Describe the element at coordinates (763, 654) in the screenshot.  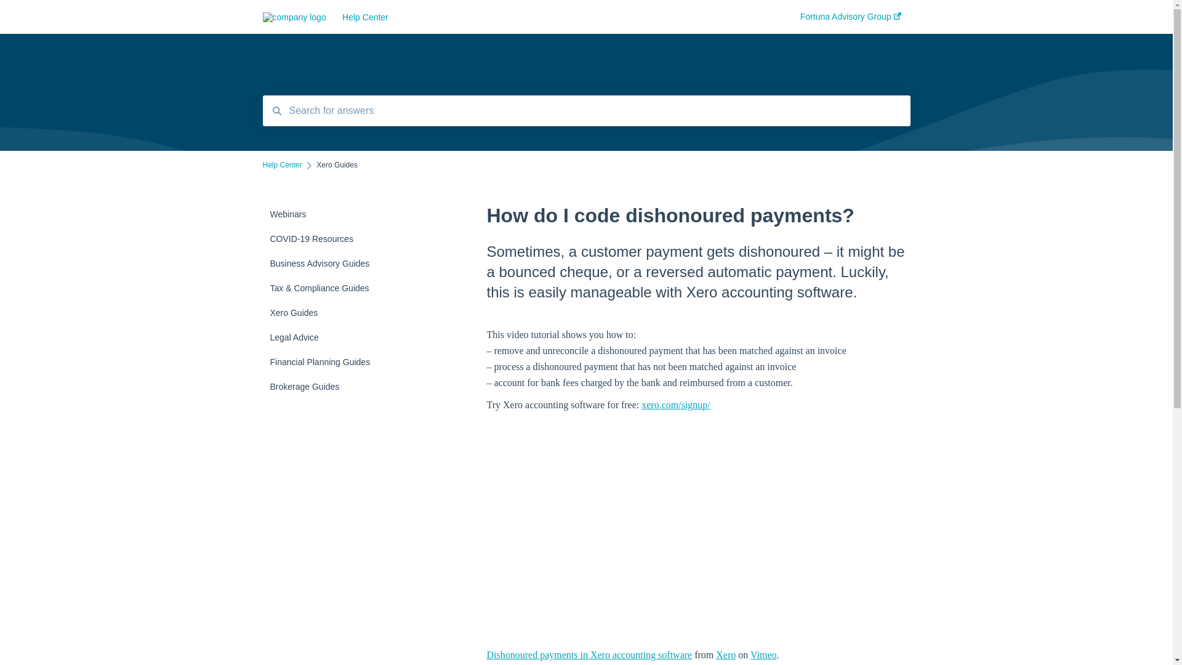
I see `'Vimeo'` at that location.